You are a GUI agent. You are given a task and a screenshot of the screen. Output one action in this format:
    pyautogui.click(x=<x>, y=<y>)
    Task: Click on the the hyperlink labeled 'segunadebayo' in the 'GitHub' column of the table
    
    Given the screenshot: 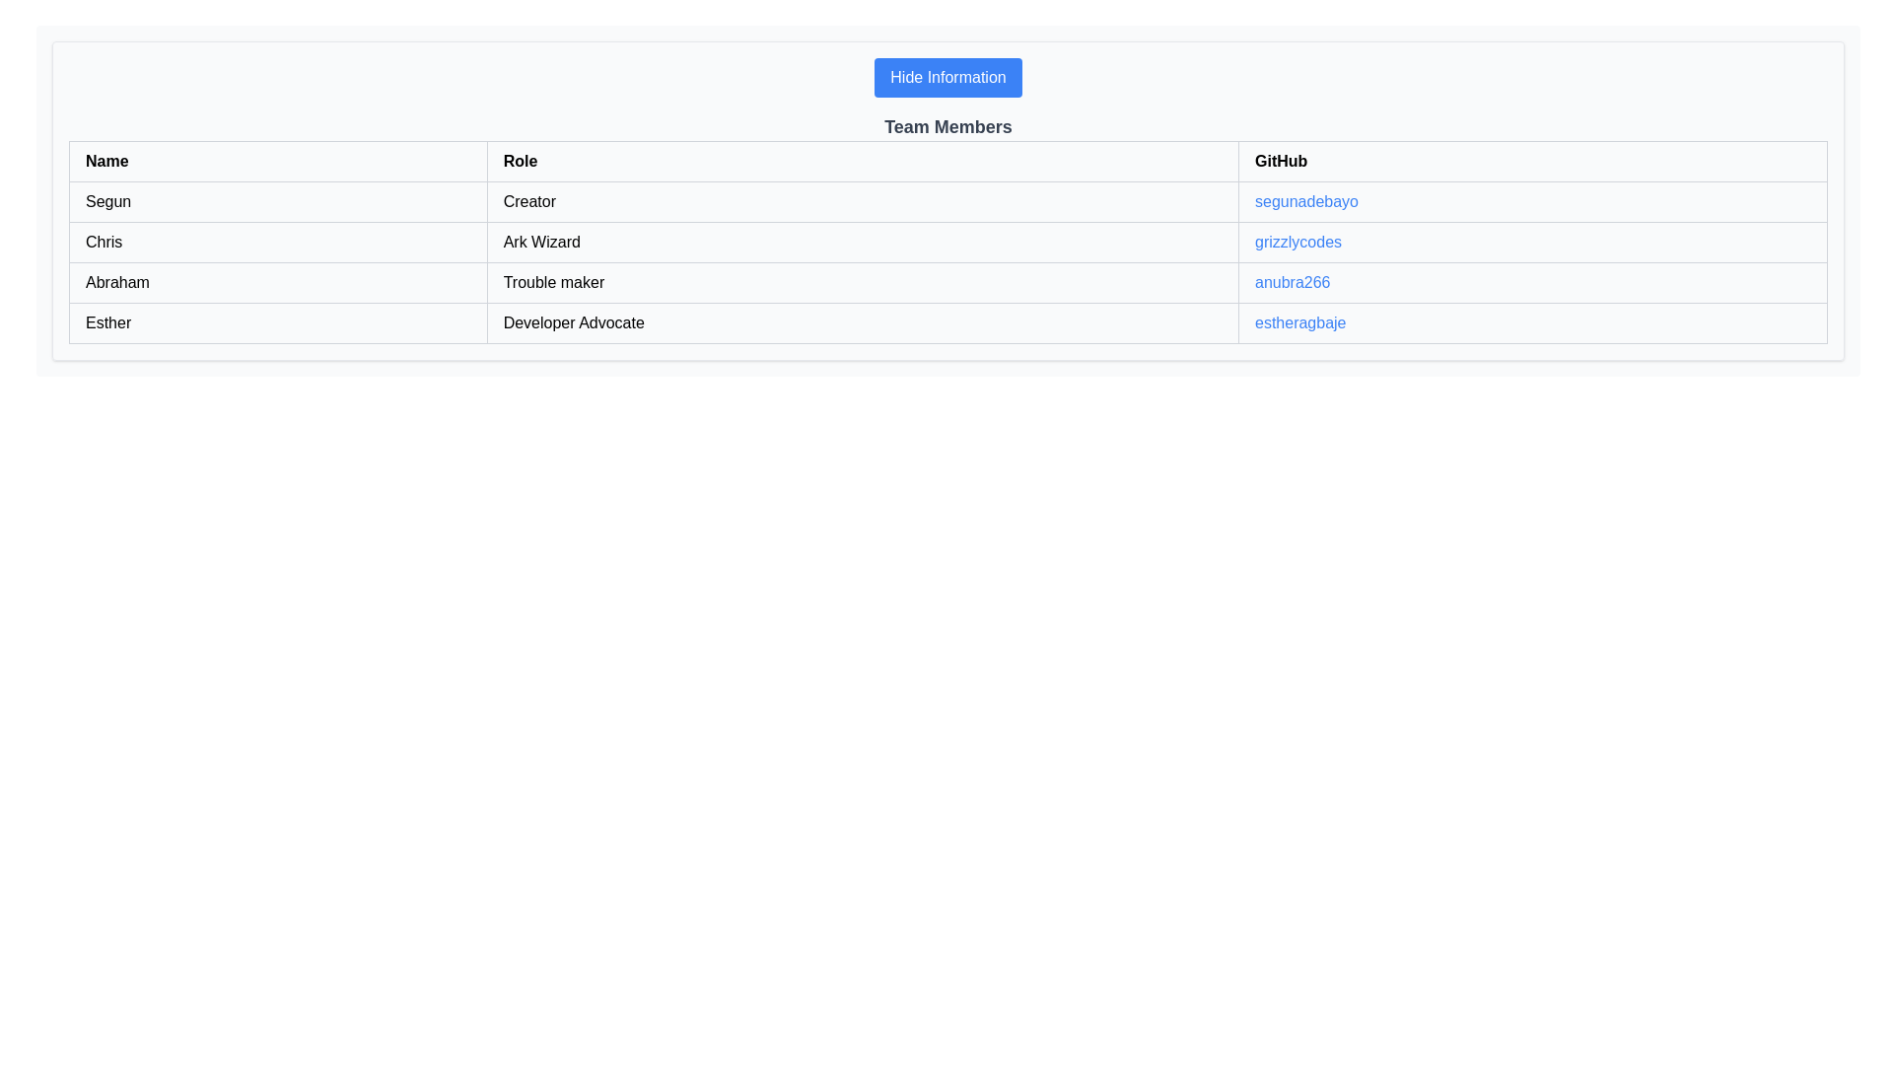 What is the action you would take?
    pyautogui.click(x=1532, y=201)
    